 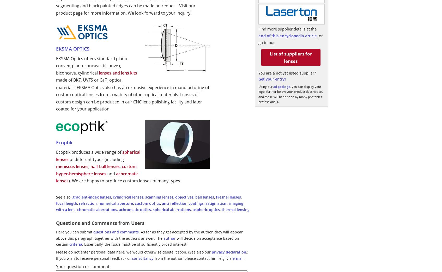 What do you see at coordinates (143, 258) in the screenshot?
I see `'consultancy'` at bounding box center [143, 258].